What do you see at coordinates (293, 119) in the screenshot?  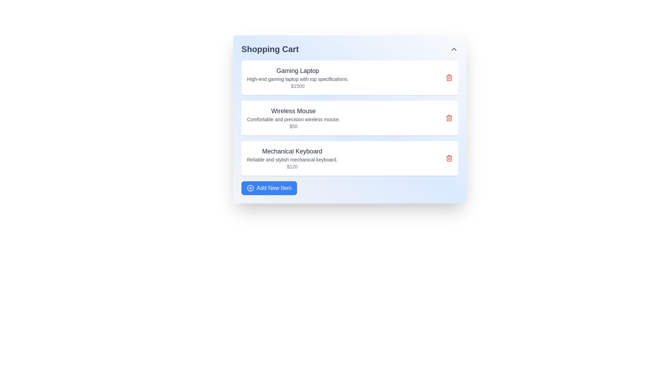 I see `product description text located beneath the 'Wireless Mouse' title and above the '$50' price within the product card` at bounding box center [293, 119].